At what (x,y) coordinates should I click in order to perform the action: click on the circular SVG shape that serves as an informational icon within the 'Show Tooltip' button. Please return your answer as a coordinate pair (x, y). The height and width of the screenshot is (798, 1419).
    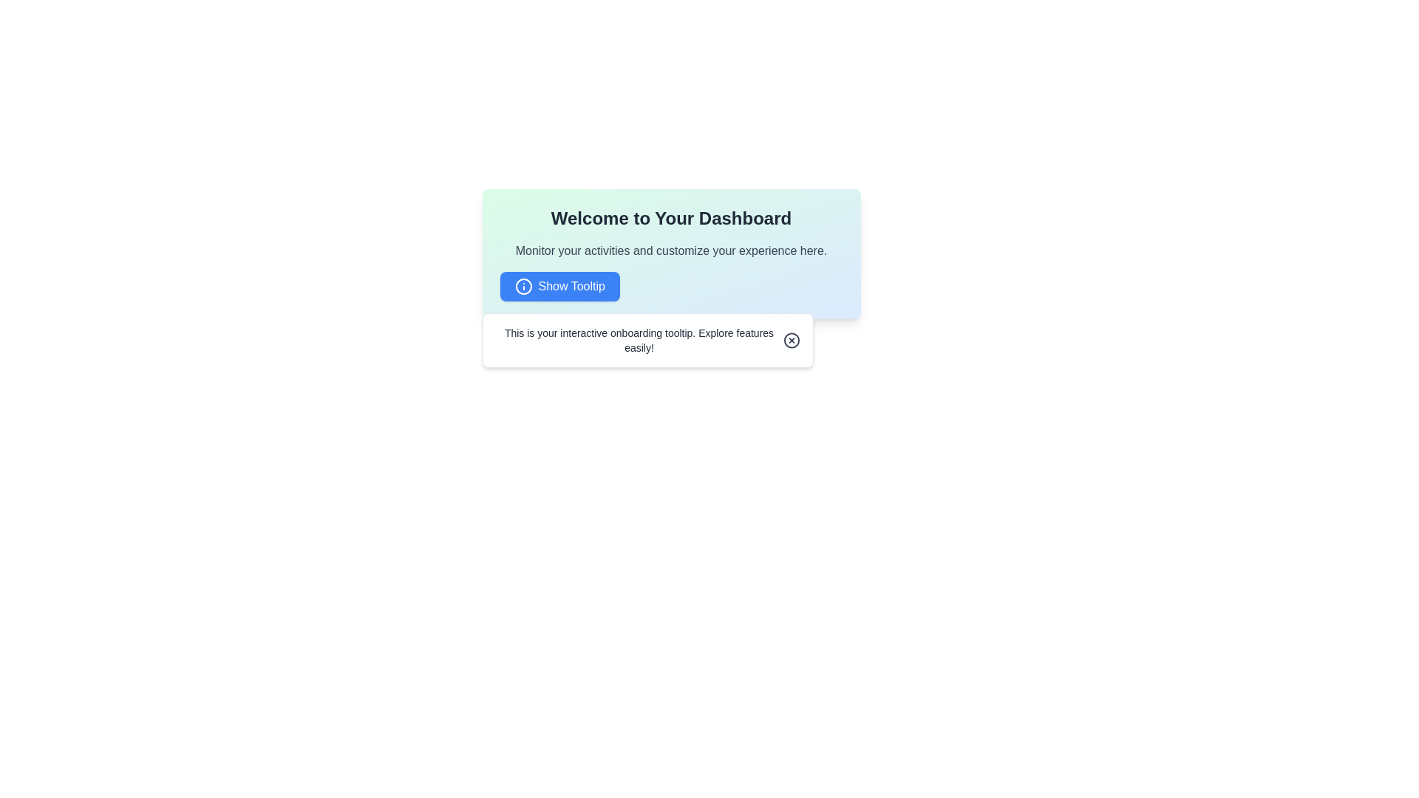
    Looking at the image, I should click on (523, 287).